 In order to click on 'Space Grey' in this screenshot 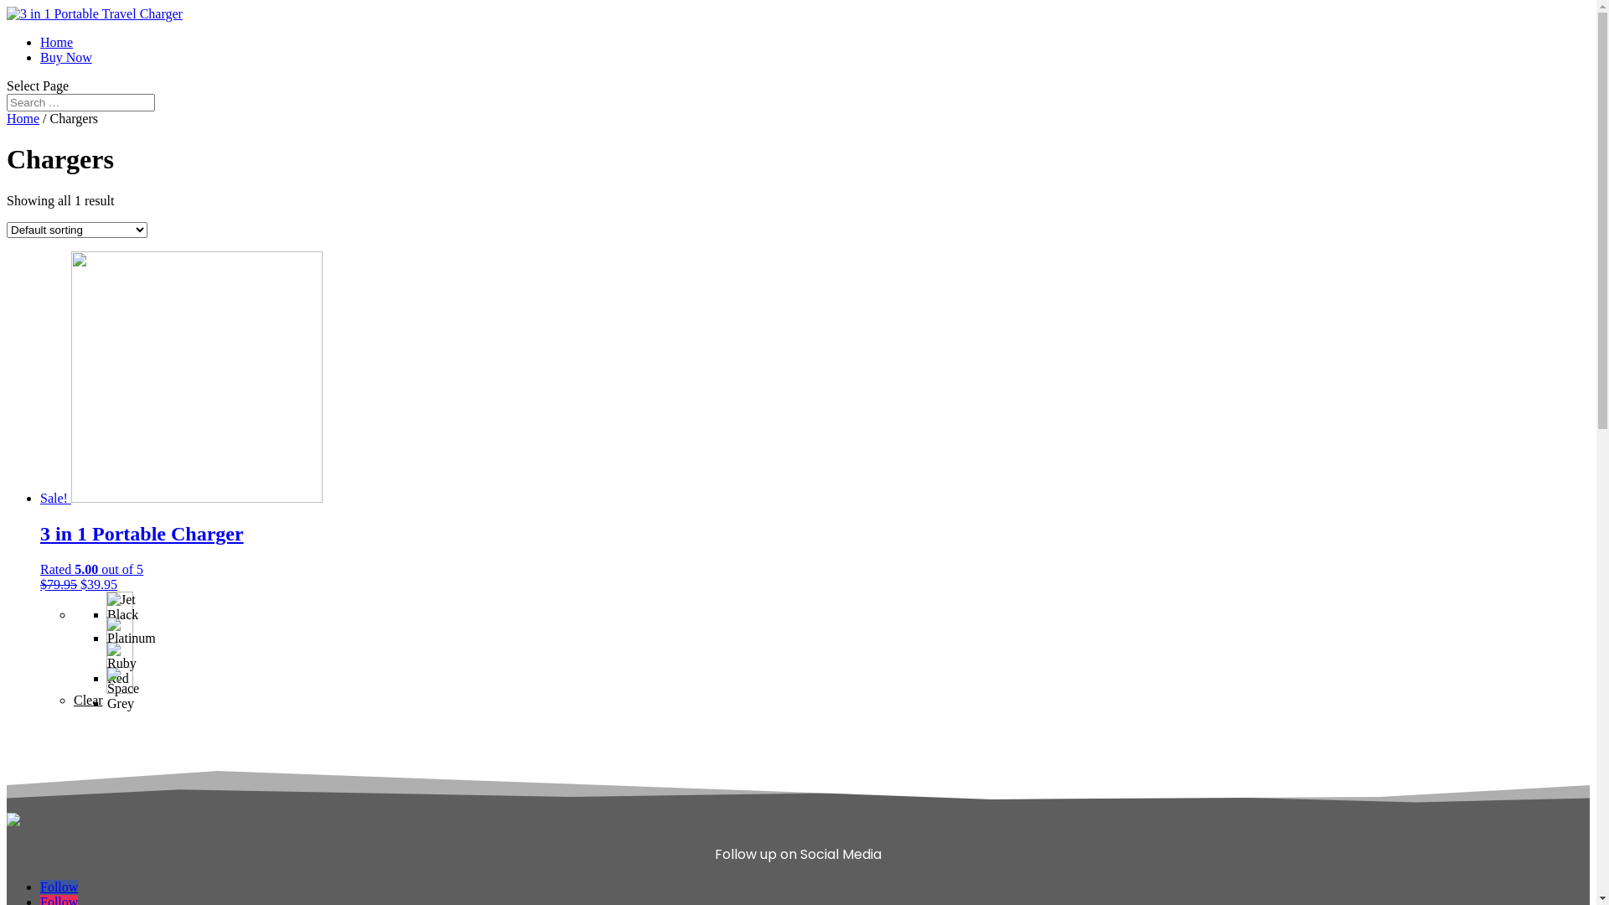, I will do `click(119, 680)`.